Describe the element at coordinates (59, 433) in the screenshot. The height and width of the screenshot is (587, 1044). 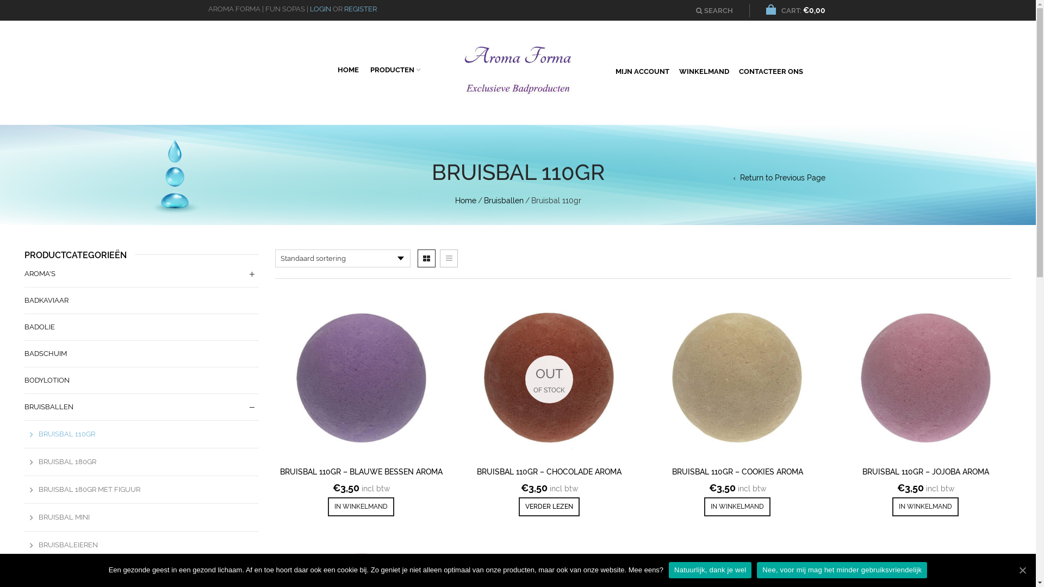
I see `'BRUISBAL 110GR'` at that location.